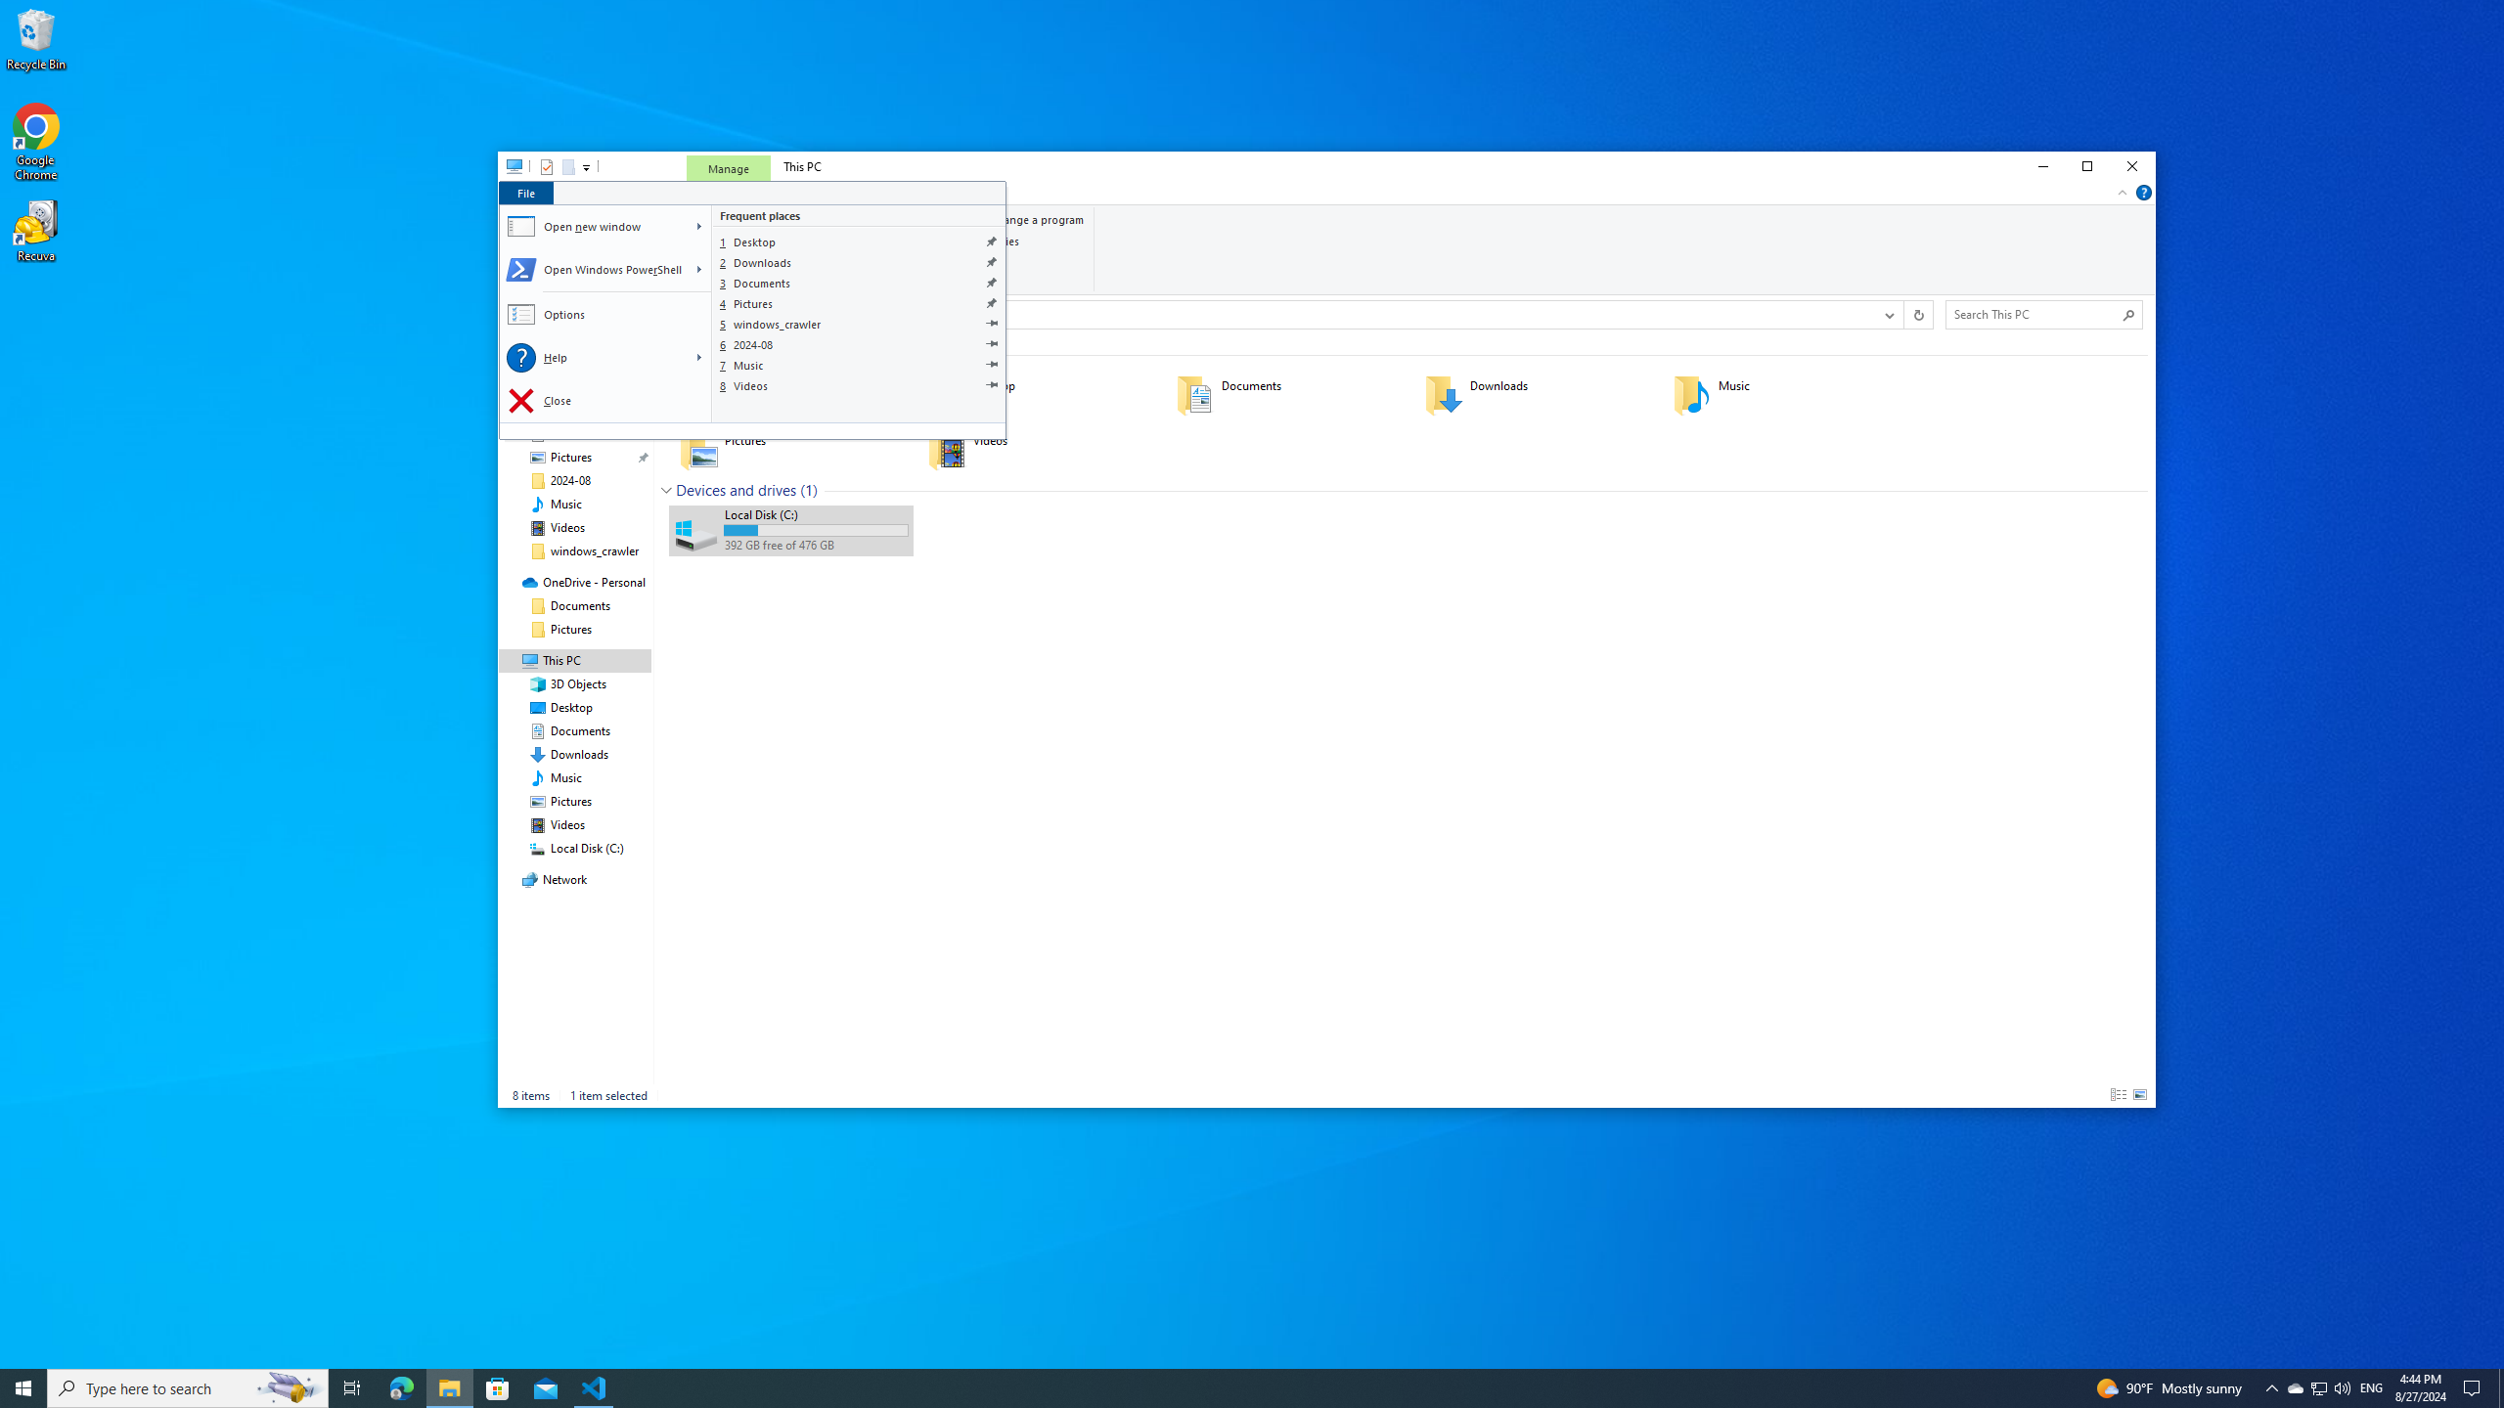 The height and width of the screenshot is (1408, 2504). Describe the element at coordinates (860, 241) in the screenshot. I see `'Desktop'` at that location.